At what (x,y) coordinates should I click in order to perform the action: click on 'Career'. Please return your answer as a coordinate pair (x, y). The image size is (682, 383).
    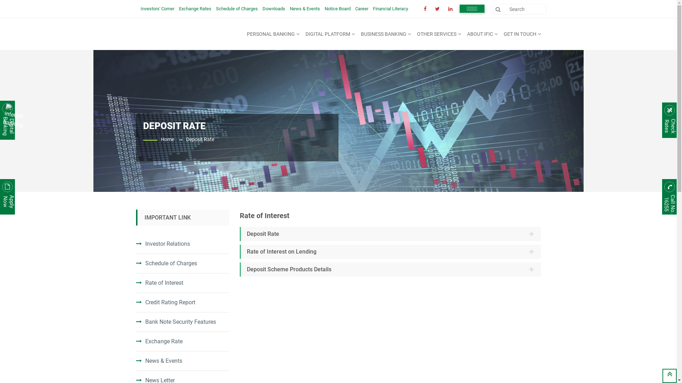
    Looking at the image, I should click on (362, 9).